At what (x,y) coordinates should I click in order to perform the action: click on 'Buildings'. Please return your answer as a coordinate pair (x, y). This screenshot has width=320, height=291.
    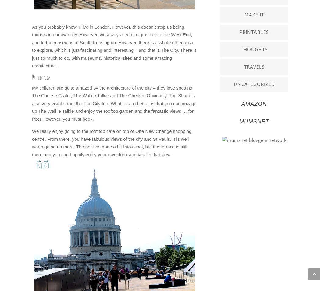
    Looking at the image, I should click on (41, 77).